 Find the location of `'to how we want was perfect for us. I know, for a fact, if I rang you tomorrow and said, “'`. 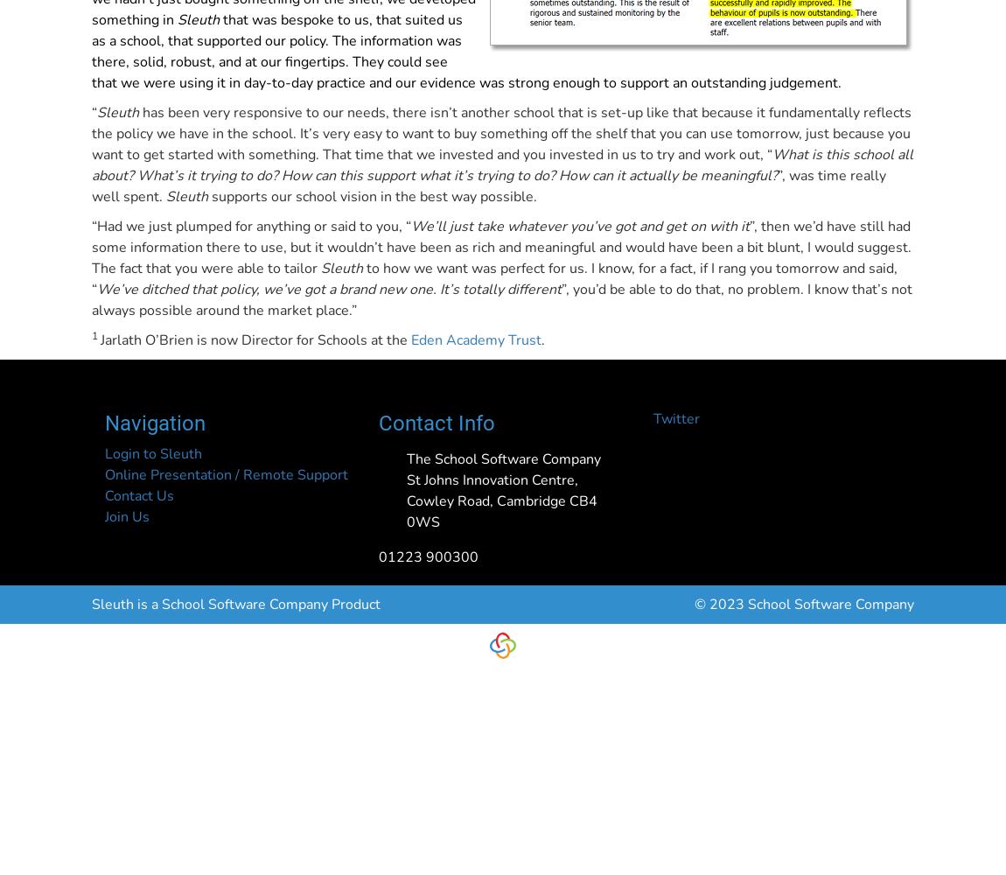

'to how we want was perfect for us. I know, for a fact, if I rang you tomorrow and said, “' is located at coordinates (494, 278).